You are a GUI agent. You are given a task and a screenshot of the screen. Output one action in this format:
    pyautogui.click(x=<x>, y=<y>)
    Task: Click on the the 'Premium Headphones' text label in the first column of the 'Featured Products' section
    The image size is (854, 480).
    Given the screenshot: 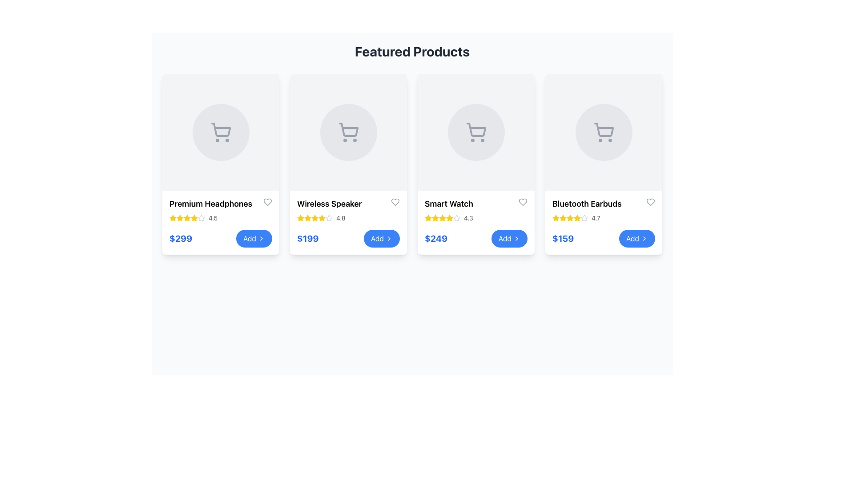 What is the action you would take?
    pyautogui.click(x=210, y=204)
    